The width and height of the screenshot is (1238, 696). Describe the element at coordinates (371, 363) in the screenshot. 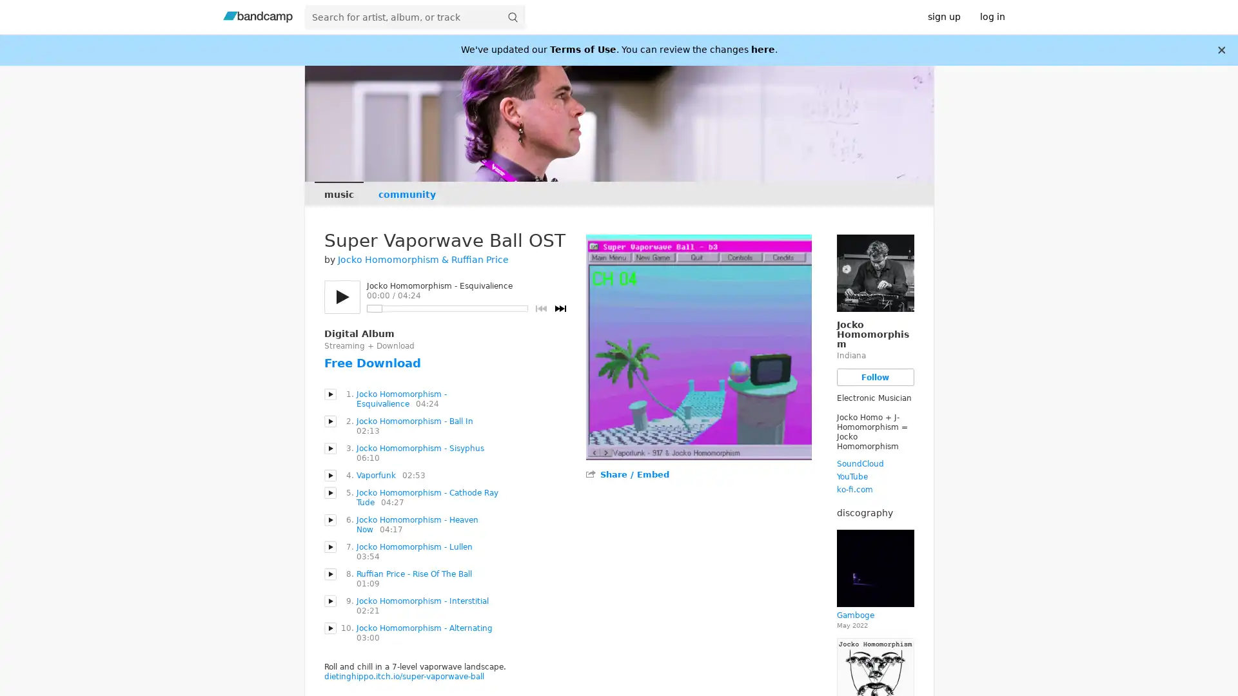

I see `Free Download` at that location.